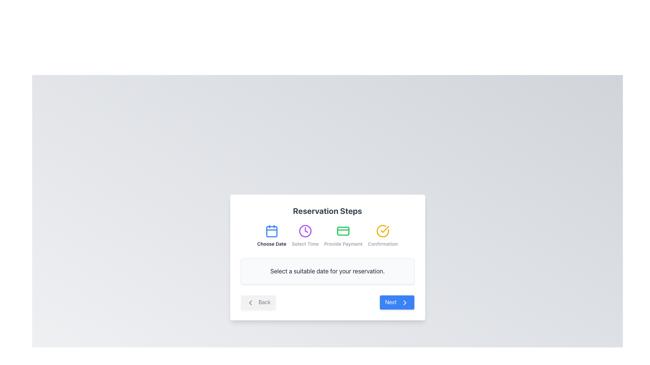 The height and width of the screenshot is (365, 650). Describe the element at coordinates (250, 302) in the screenshot. I see `the left-pointing chevron icon within the 'Back' button, which is styled with a minimalistic, outlined design and appears in a gray color indicating it is inactive` at that location.